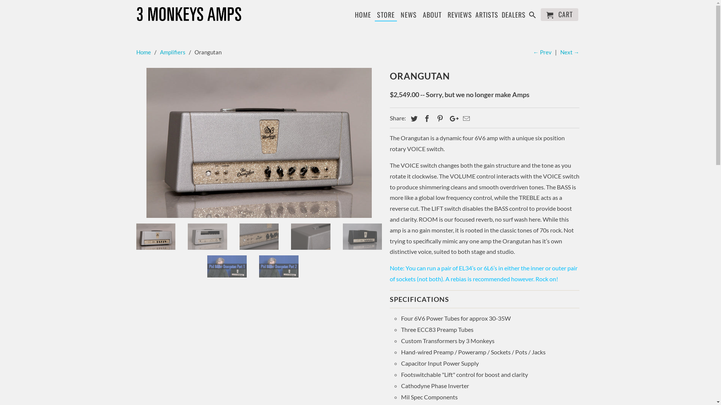 This screenshot has height=405, width=721. Describe the element at coordinates (432, 14) in the screenshot. I see `'ABOUT'` at that location.